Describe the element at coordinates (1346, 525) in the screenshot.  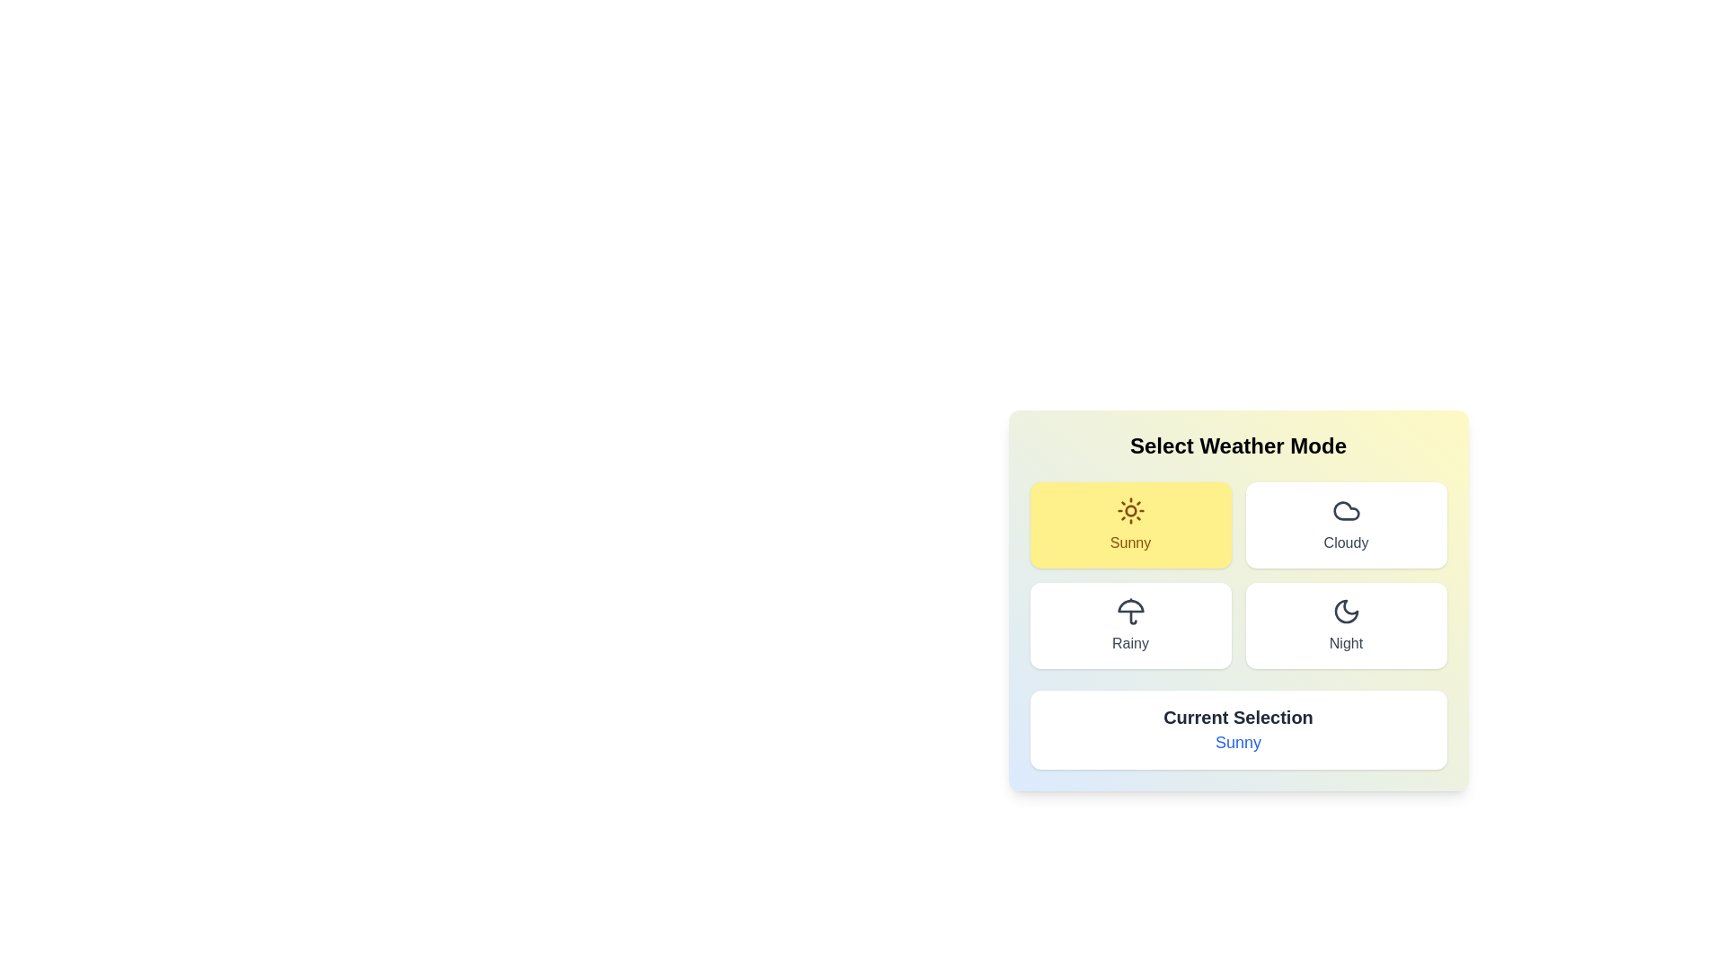
I see `the Cloudy button to select it` at that location.